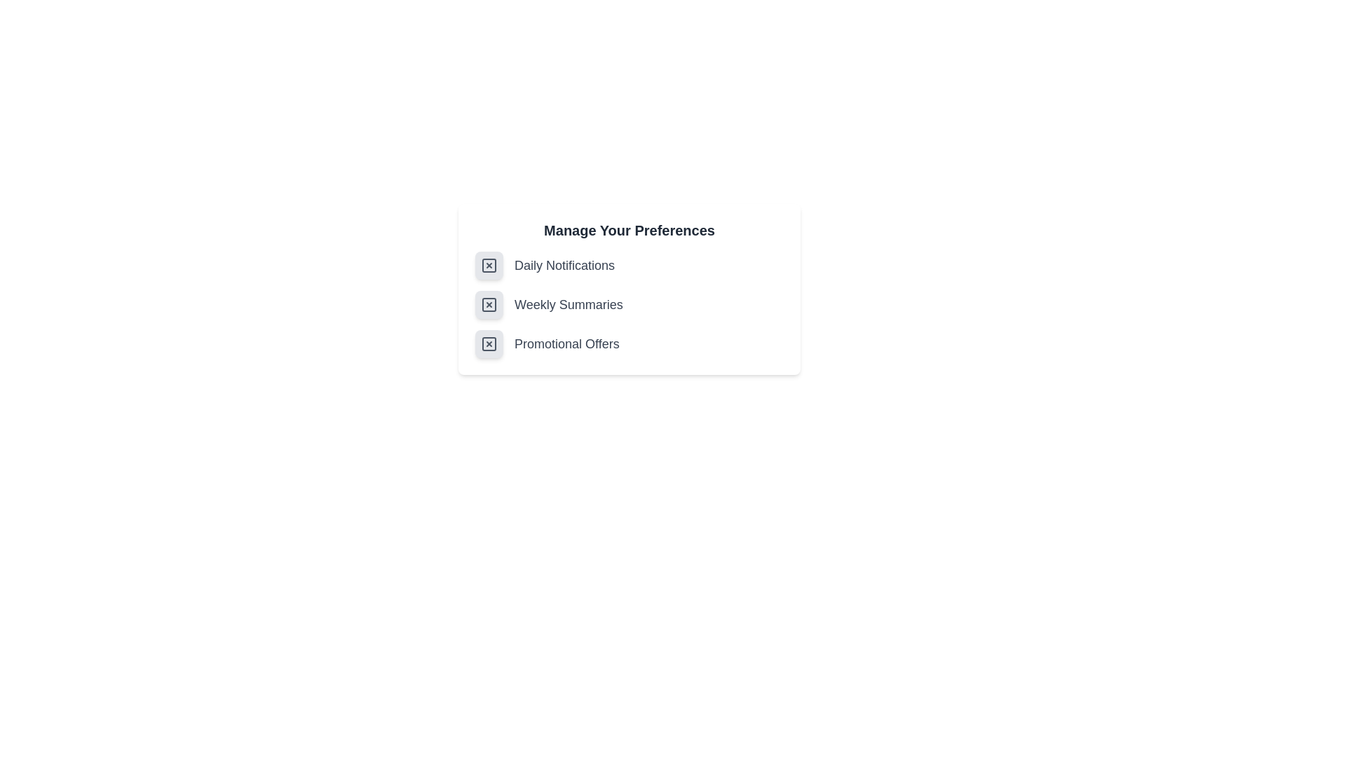 The width and height of the screenshot is (1346, 757). What do you see at coordinates (628, 304) in the screenshot?
I see `the checkbox in the 'Manage Your Preferences' panel` at bounding box center [628, 304].